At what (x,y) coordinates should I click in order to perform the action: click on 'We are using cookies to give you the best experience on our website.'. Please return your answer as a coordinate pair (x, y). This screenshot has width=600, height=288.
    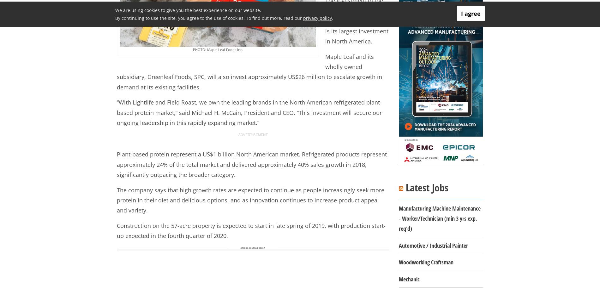
    Looking at the image, I should click on (188, 10).